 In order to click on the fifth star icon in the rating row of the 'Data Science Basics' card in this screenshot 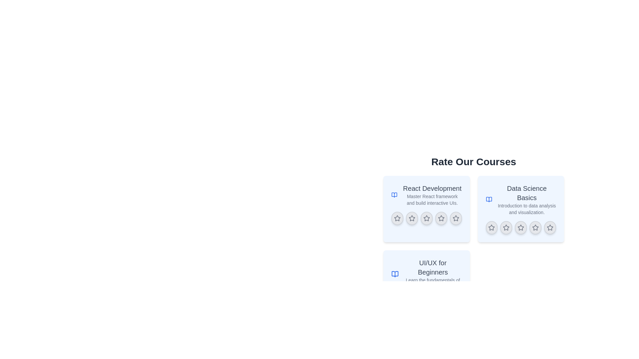, I will do `click(550, 227)`.